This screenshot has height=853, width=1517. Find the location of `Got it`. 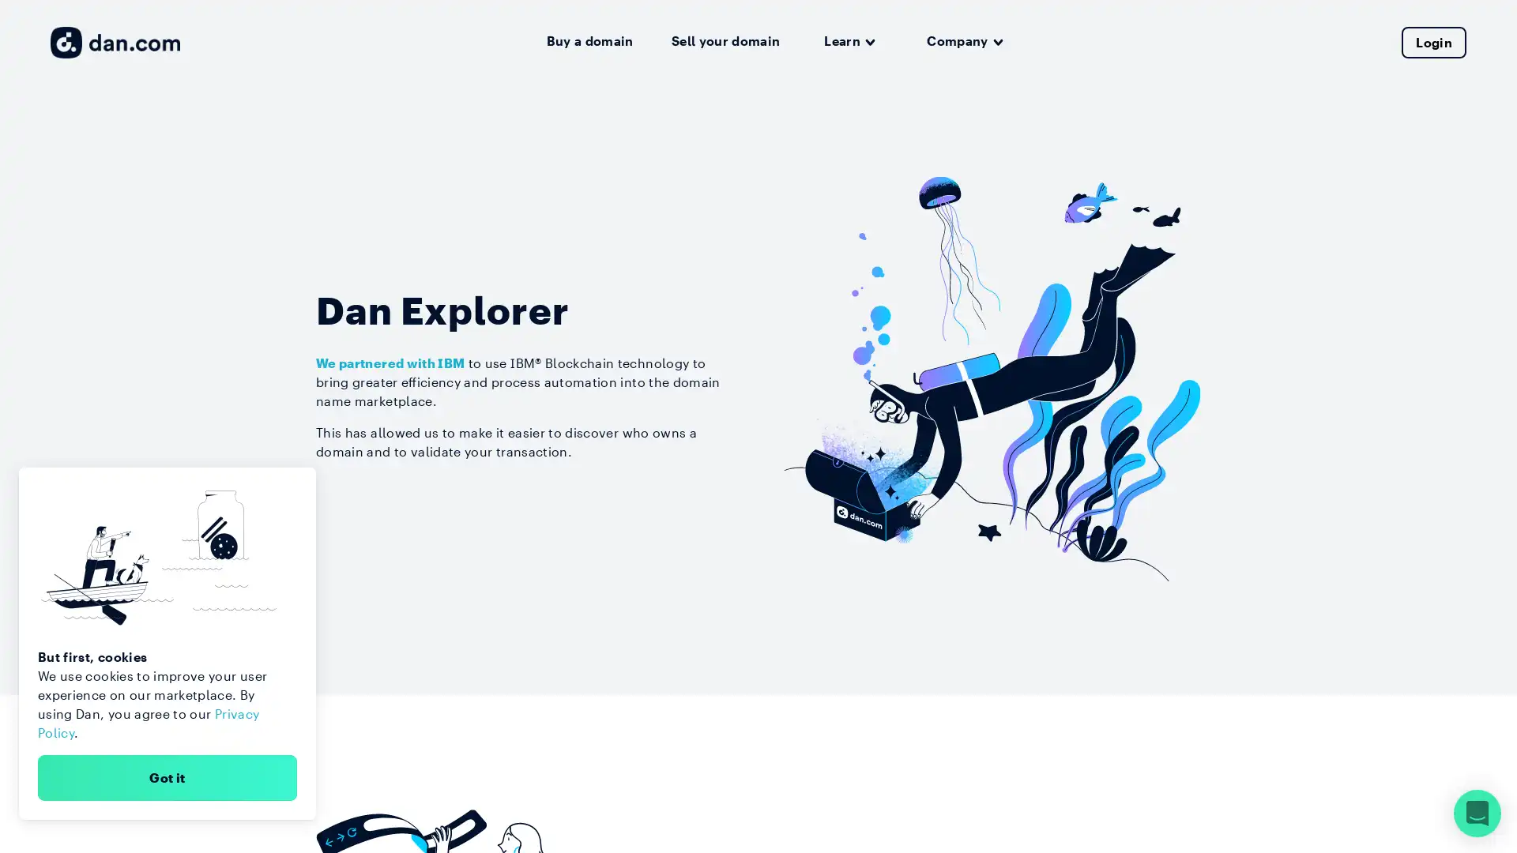

Got it is located at coordinates (167, 776).